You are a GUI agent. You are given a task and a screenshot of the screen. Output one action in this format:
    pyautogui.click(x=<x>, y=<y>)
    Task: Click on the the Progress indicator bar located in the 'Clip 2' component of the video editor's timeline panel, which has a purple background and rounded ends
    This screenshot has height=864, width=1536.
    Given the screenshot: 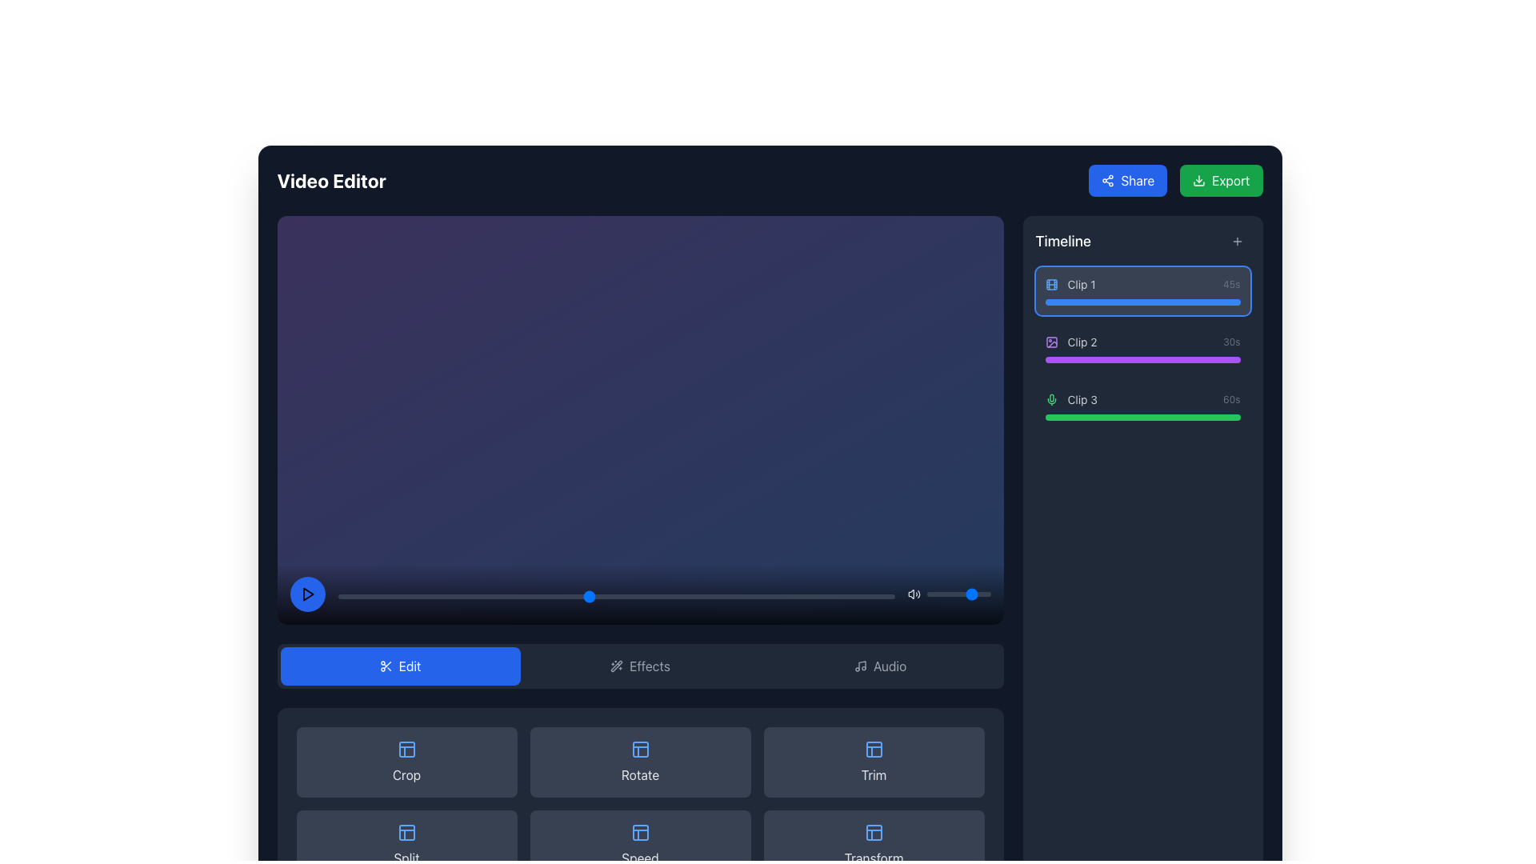 What is the action you would take?
    pyautogui.click(x=1142, y=360)
    